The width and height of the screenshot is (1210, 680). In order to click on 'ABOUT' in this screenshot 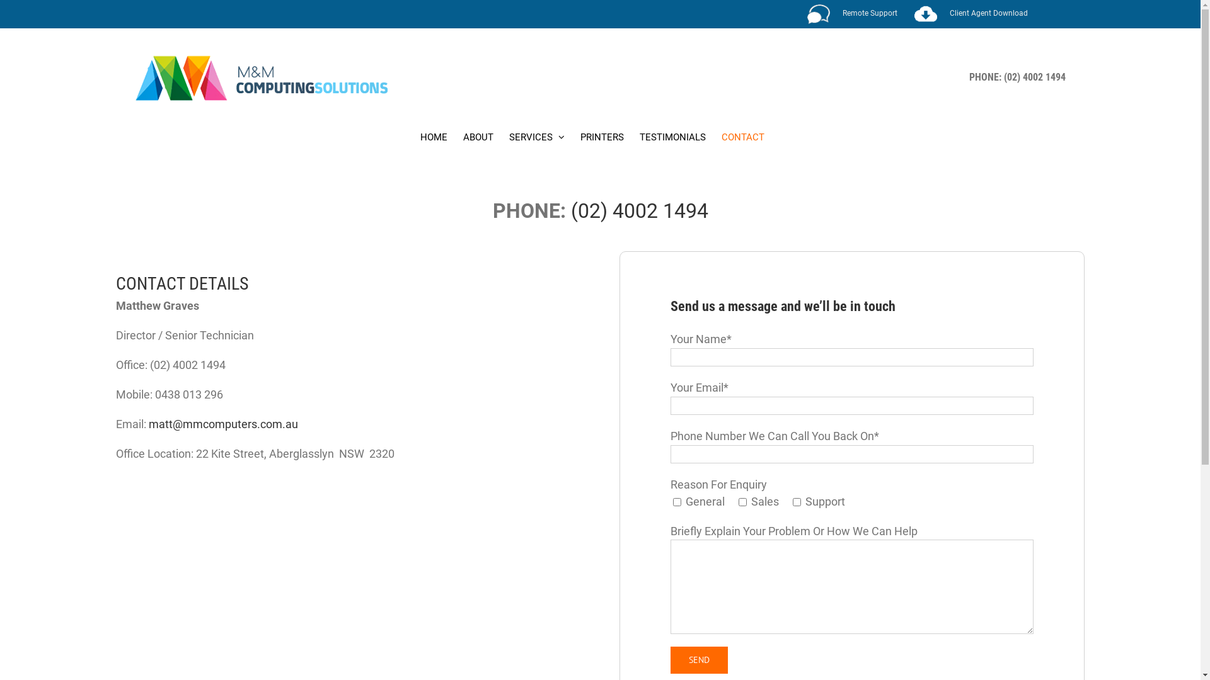, I will do `click(462, 137)`.